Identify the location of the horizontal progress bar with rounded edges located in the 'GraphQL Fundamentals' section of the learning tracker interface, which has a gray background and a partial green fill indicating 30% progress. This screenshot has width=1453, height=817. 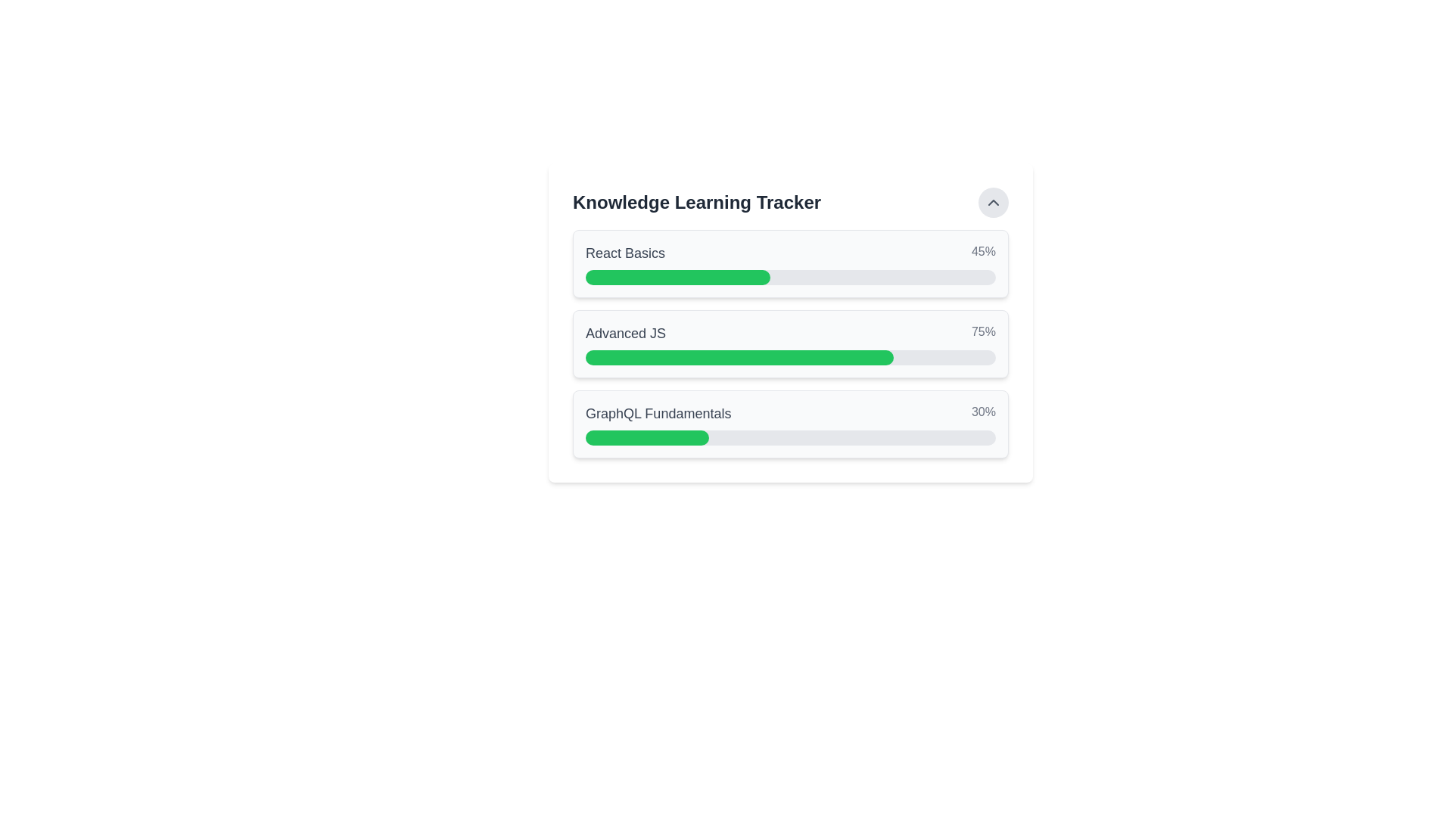
(790, 437).